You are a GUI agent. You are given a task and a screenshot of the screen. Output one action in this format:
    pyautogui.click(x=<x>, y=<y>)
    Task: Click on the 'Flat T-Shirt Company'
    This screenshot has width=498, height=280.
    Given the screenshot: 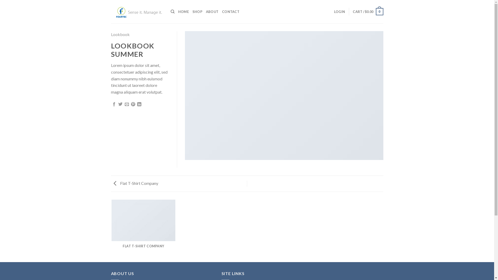 What is the action you would take?
    pyautogui.click(x=134, y=183)
    